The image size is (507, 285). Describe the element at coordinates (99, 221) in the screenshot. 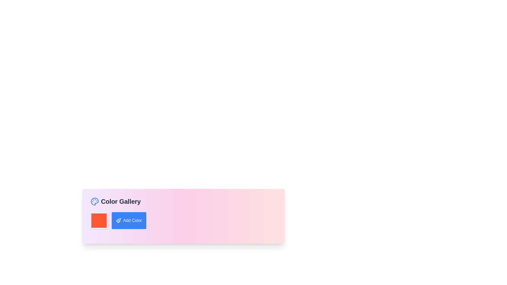

I see `the bright orange color box, which functions as a color selector or indicator` at that location.